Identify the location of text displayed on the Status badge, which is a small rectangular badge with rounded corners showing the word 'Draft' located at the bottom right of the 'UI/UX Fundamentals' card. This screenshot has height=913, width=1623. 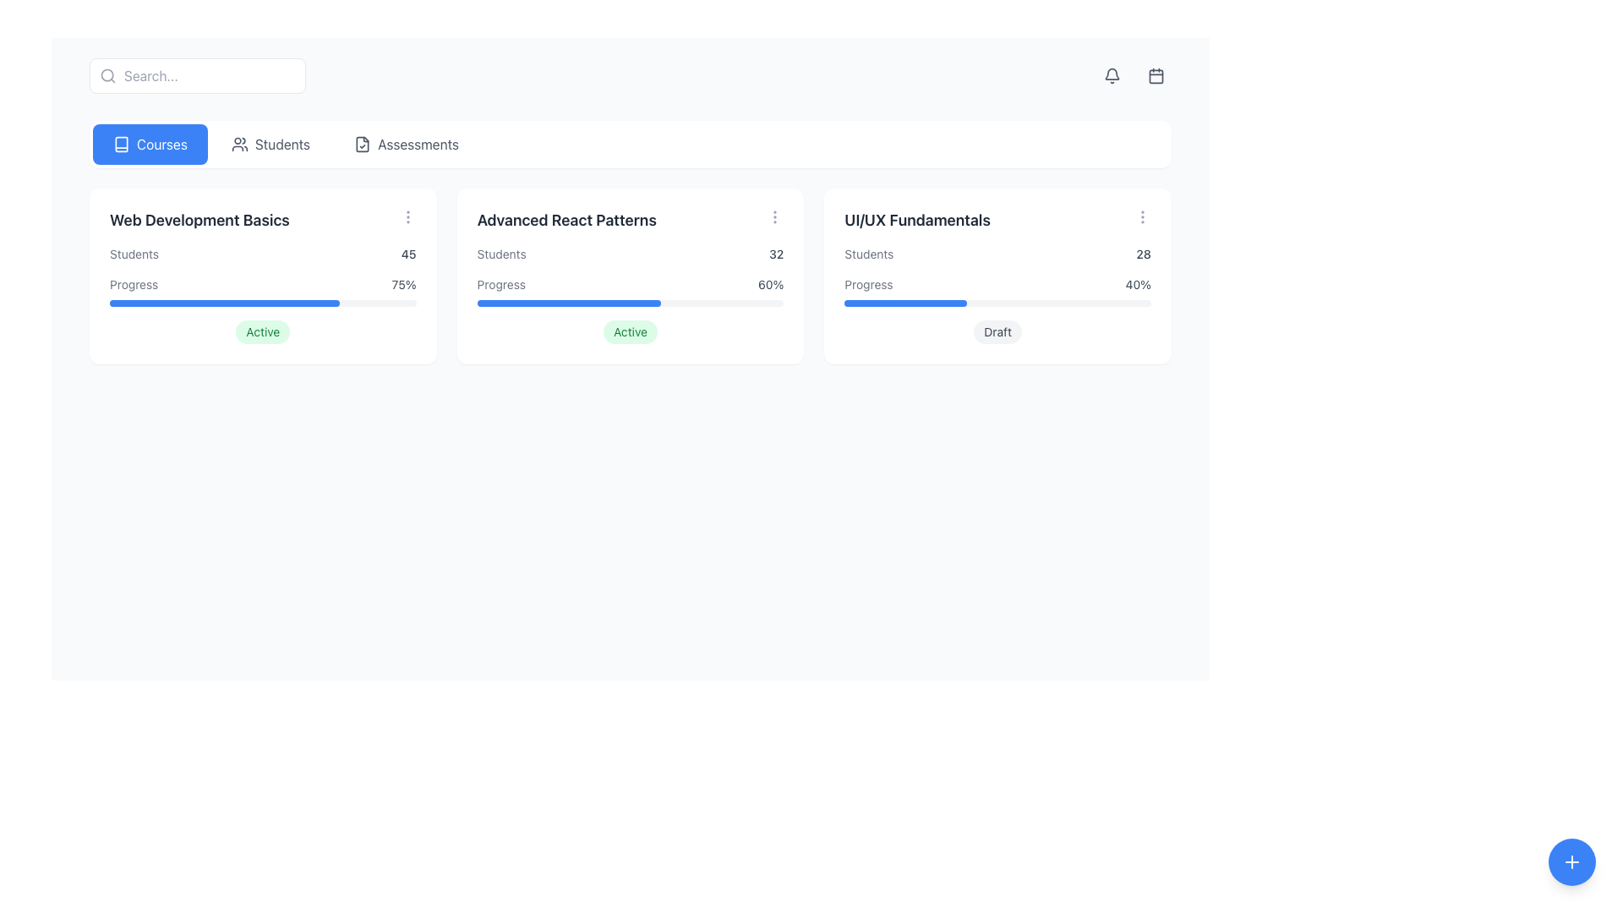
(997, 332).